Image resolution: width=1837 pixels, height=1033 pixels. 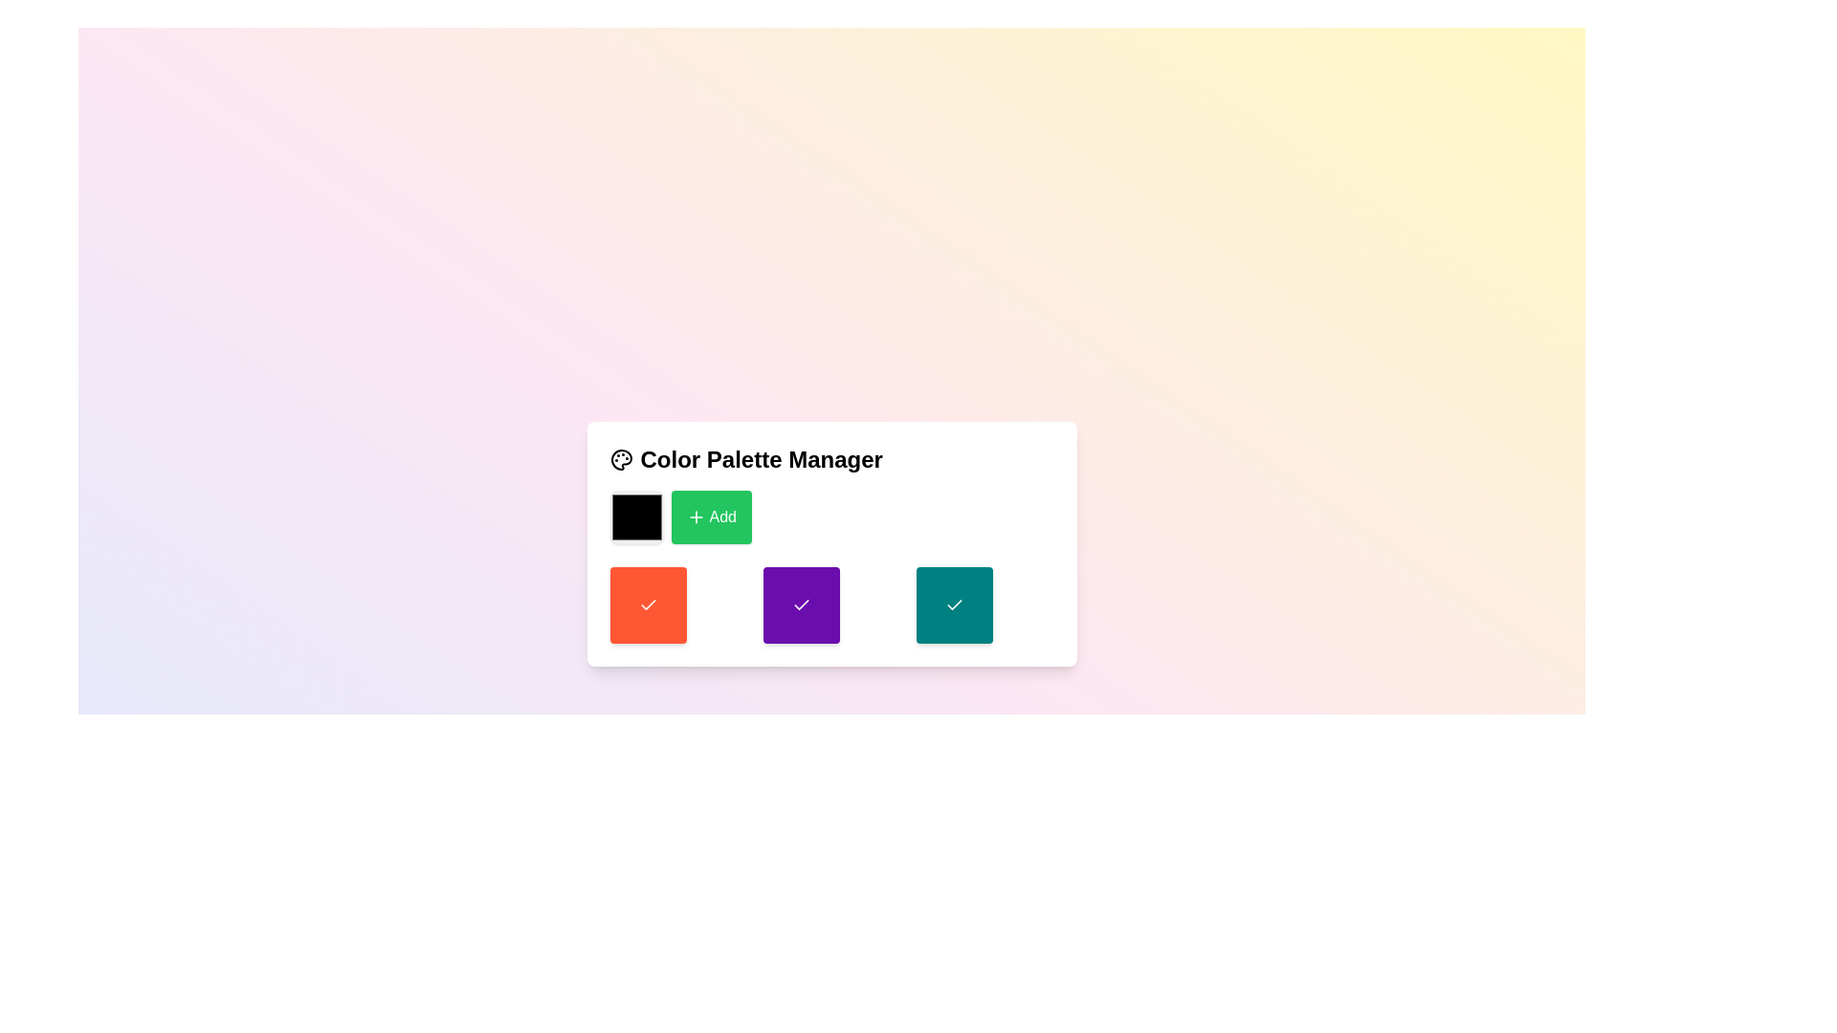 I want to click on the green 'Add' button with a white plus icon located to the right of a black color swatch in the Color Palette Manager section, so click(x=710, y=516).